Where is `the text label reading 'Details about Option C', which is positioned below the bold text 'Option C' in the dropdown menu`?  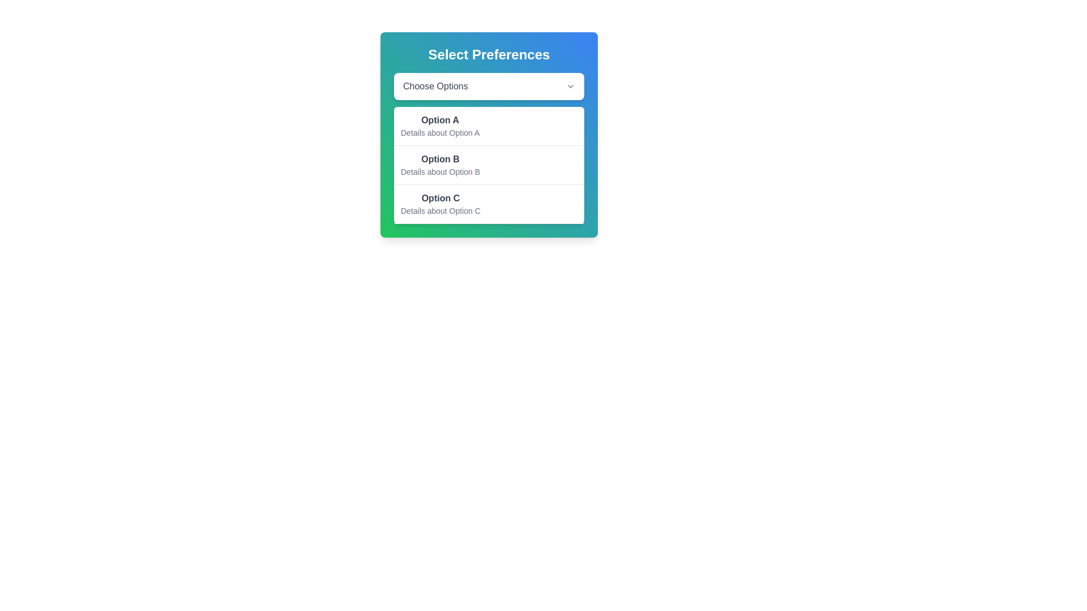 the text label reading 'Details about Option C', which is positioned below the bold text 'Option C' in the dropdown menu is located at coordinates (440, 211).